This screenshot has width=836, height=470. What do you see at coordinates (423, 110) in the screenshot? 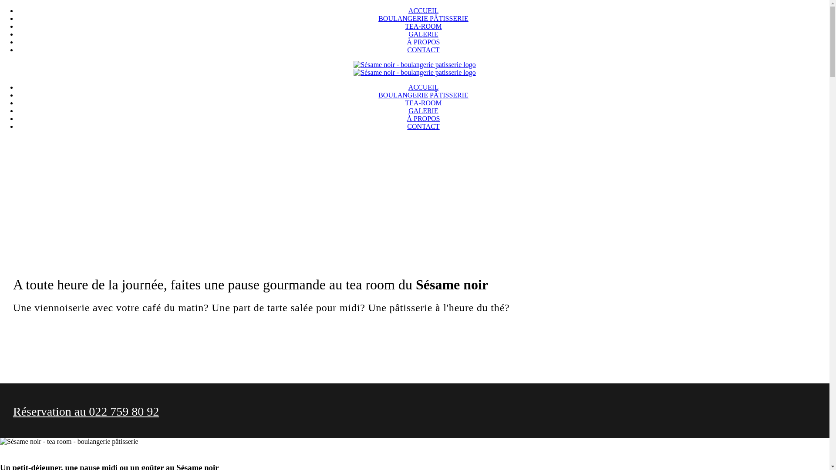
I see `'GALERIE'` at bounding box center [423, 110].